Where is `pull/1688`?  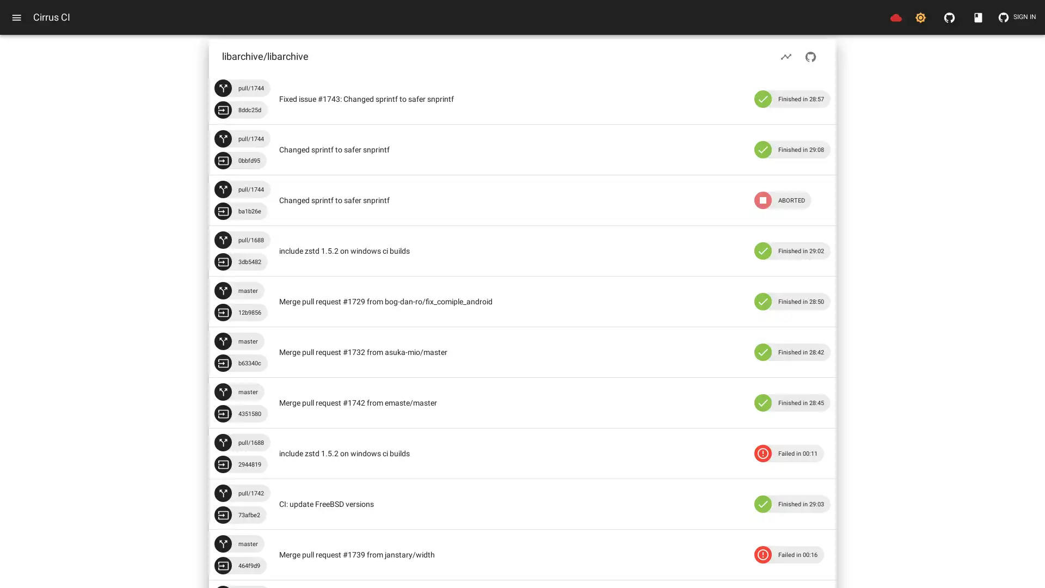 pull/1688 is located at coordinates (242, 443).